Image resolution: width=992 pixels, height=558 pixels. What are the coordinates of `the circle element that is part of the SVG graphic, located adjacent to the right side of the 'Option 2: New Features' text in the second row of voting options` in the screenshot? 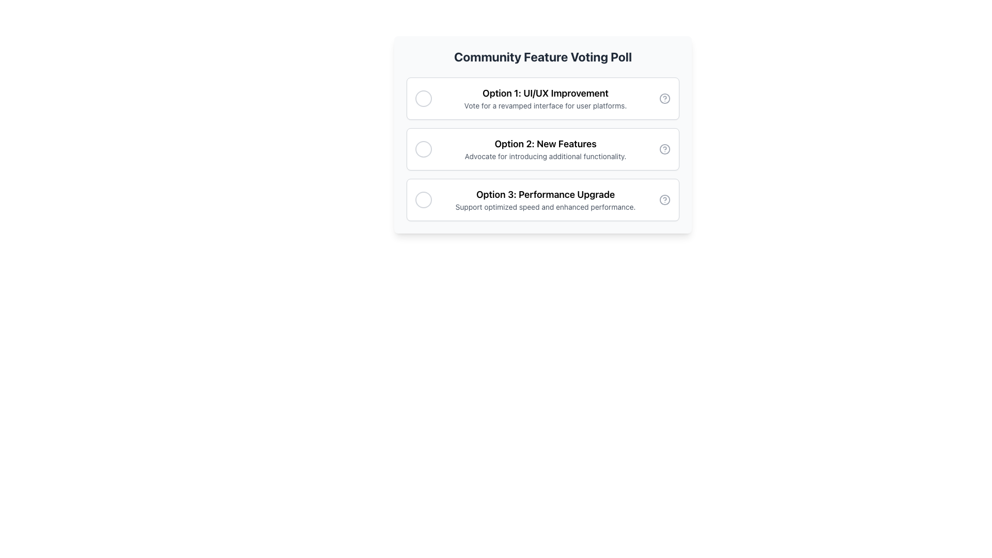 It's located at (664, 149).